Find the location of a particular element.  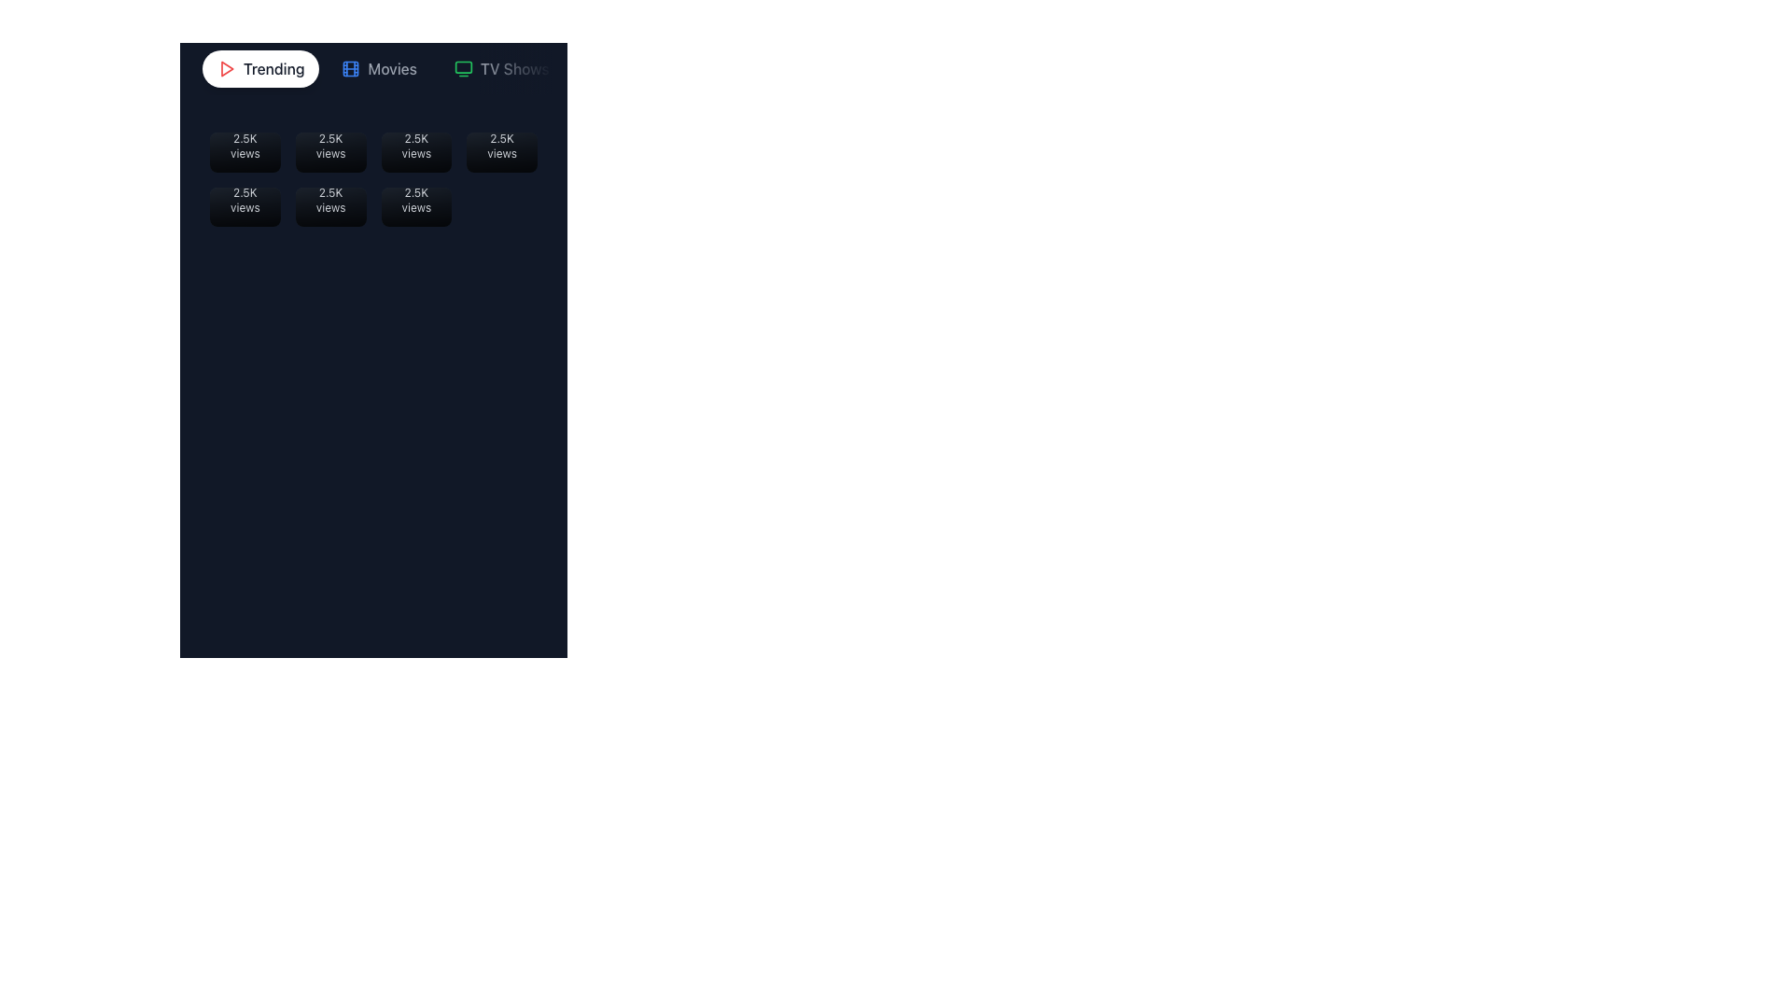

the decorative rectangle within the TV Shows icon, which is a rounded rectangle located at the top-right corner of the UI is located at coordinates (463, 66).